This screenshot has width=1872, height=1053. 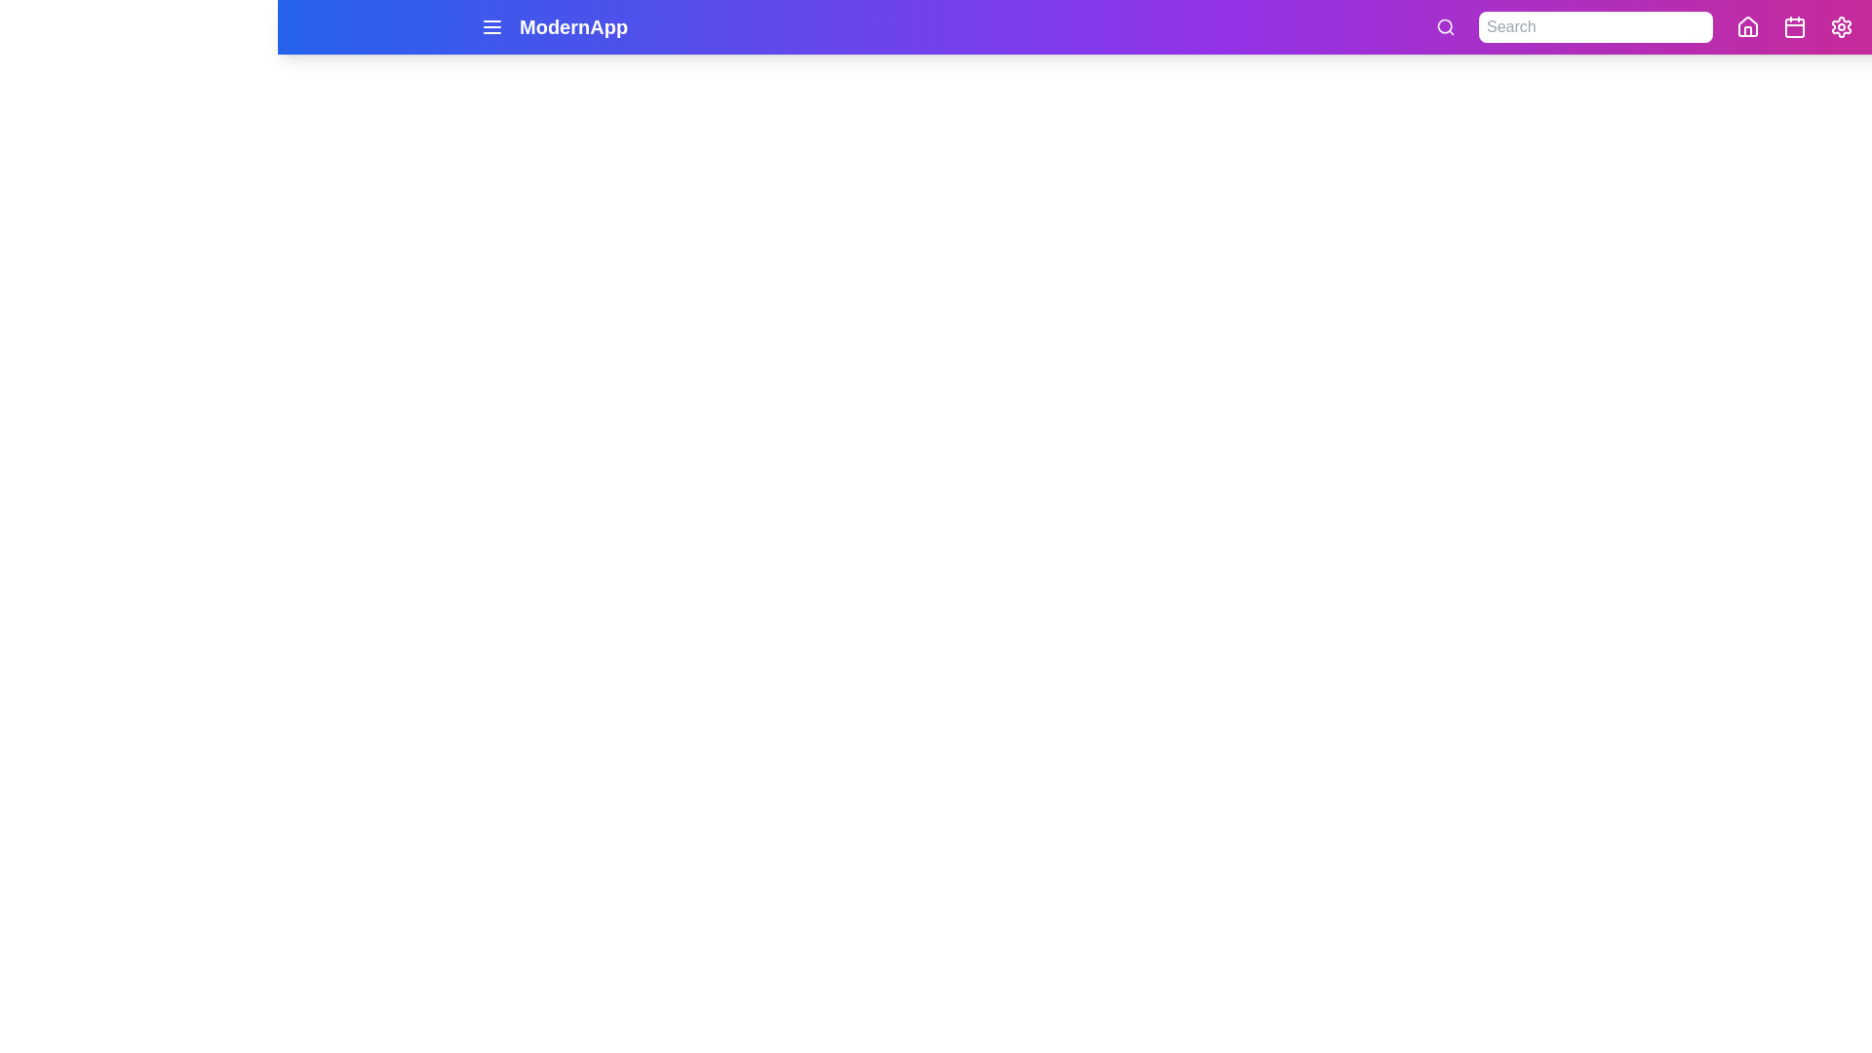 I want to click on the settings icon located in the top-right corner of the interface, which is part of a toolbar and follows a house icon and a calendar icon, so click(x=1841, y=26).